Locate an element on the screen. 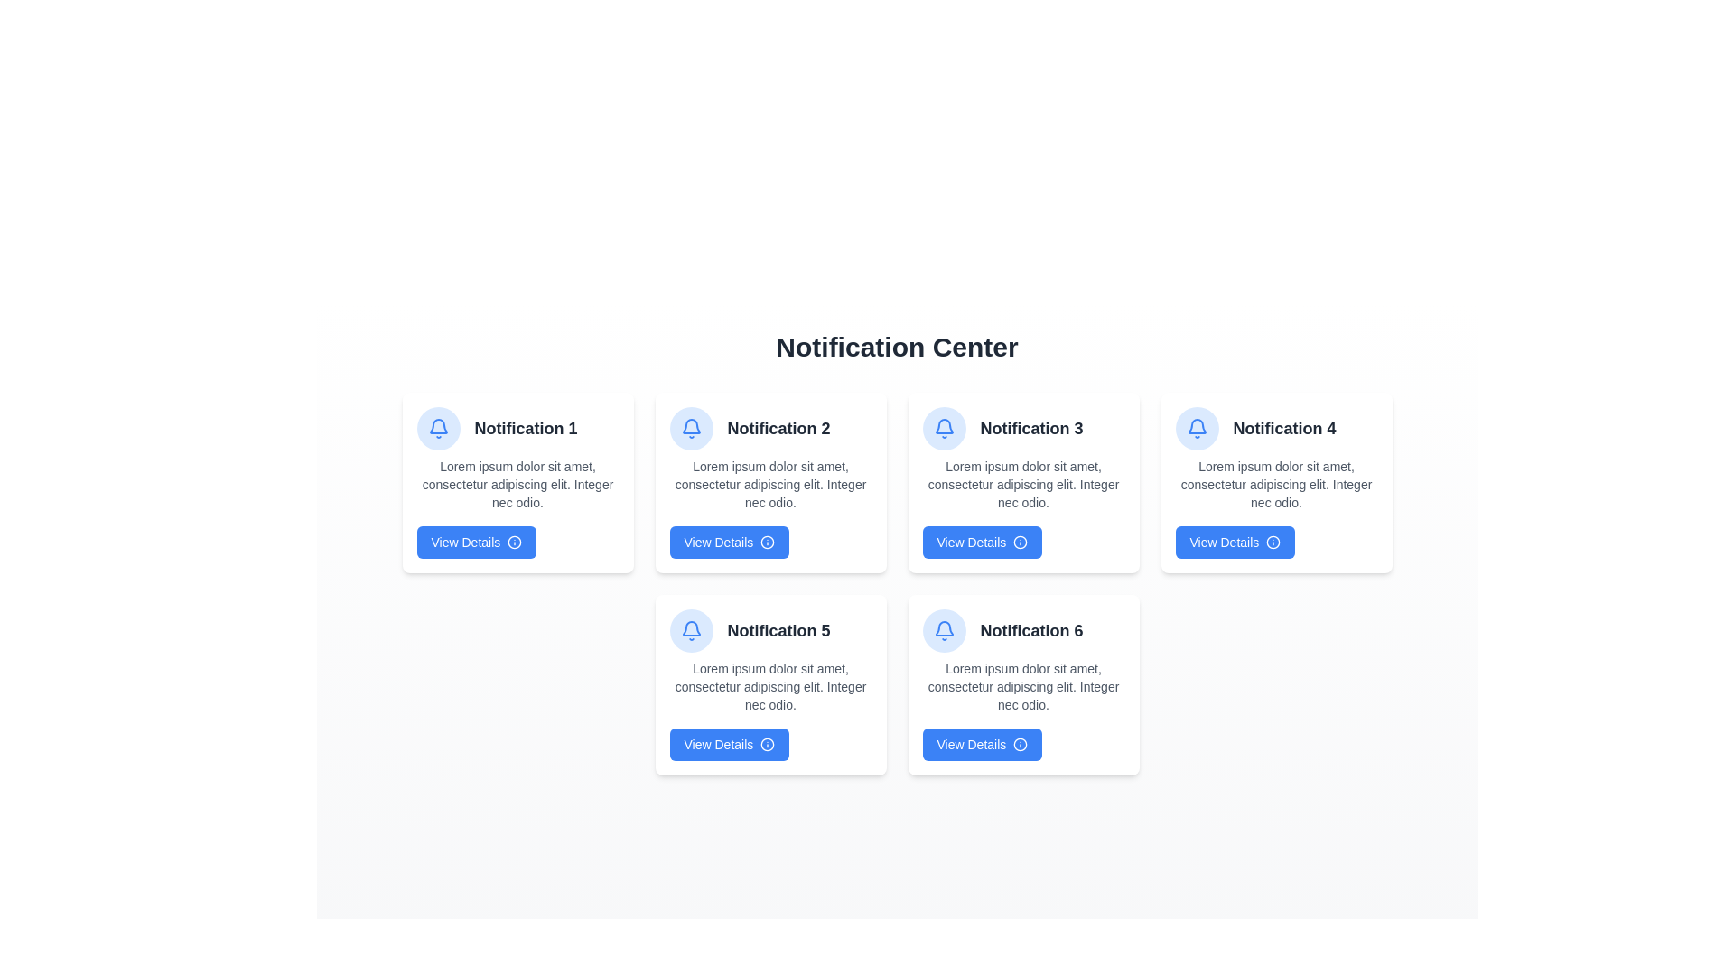  bell-shaped notification icon located in 'Notification 1' for development purposes is located at coordinates (943, 627).